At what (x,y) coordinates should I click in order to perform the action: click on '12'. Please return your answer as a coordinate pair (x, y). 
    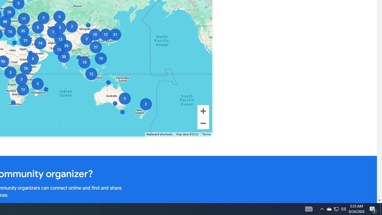
    Looking at the image, I should click on (91, 74).